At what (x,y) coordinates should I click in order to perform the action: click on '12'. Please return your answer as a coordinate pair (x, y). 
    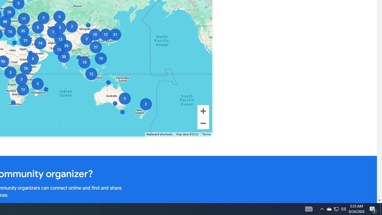
    Looking at the image, I should click on (91, 74).